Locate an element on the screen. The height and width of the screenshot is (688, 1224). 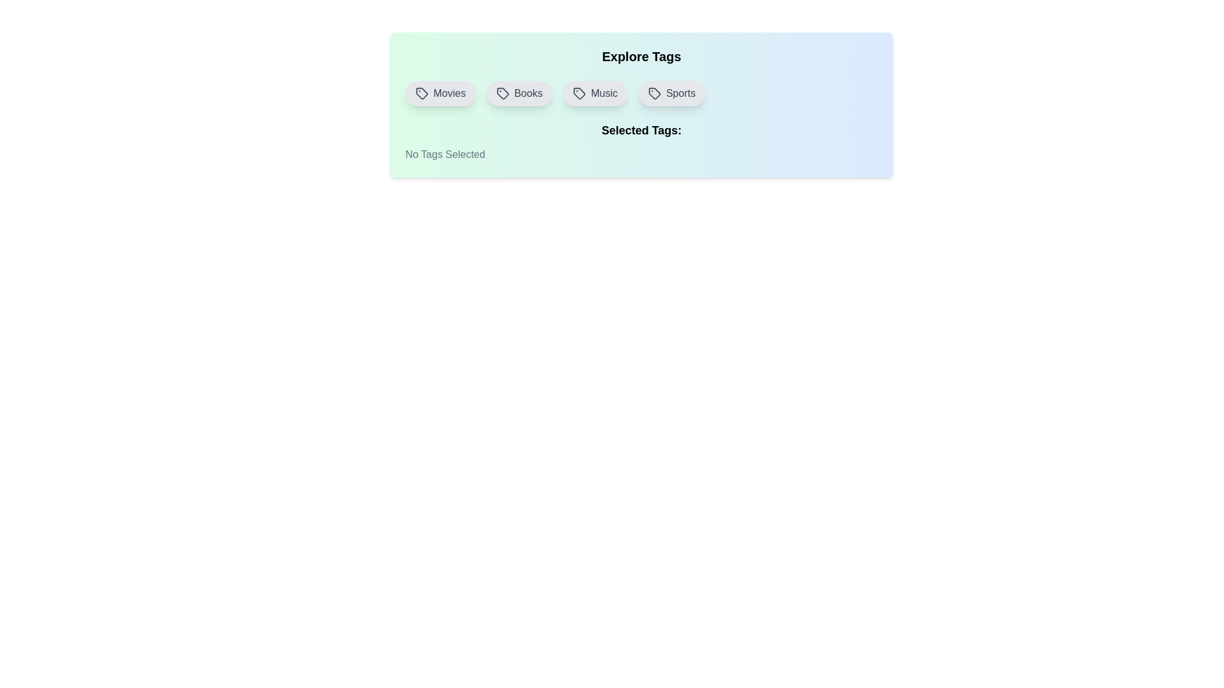
the SVG tag icon resembling a price label in the 'Explore Tags' section, which is the second icon from the left is located at coordinates (502, 92).